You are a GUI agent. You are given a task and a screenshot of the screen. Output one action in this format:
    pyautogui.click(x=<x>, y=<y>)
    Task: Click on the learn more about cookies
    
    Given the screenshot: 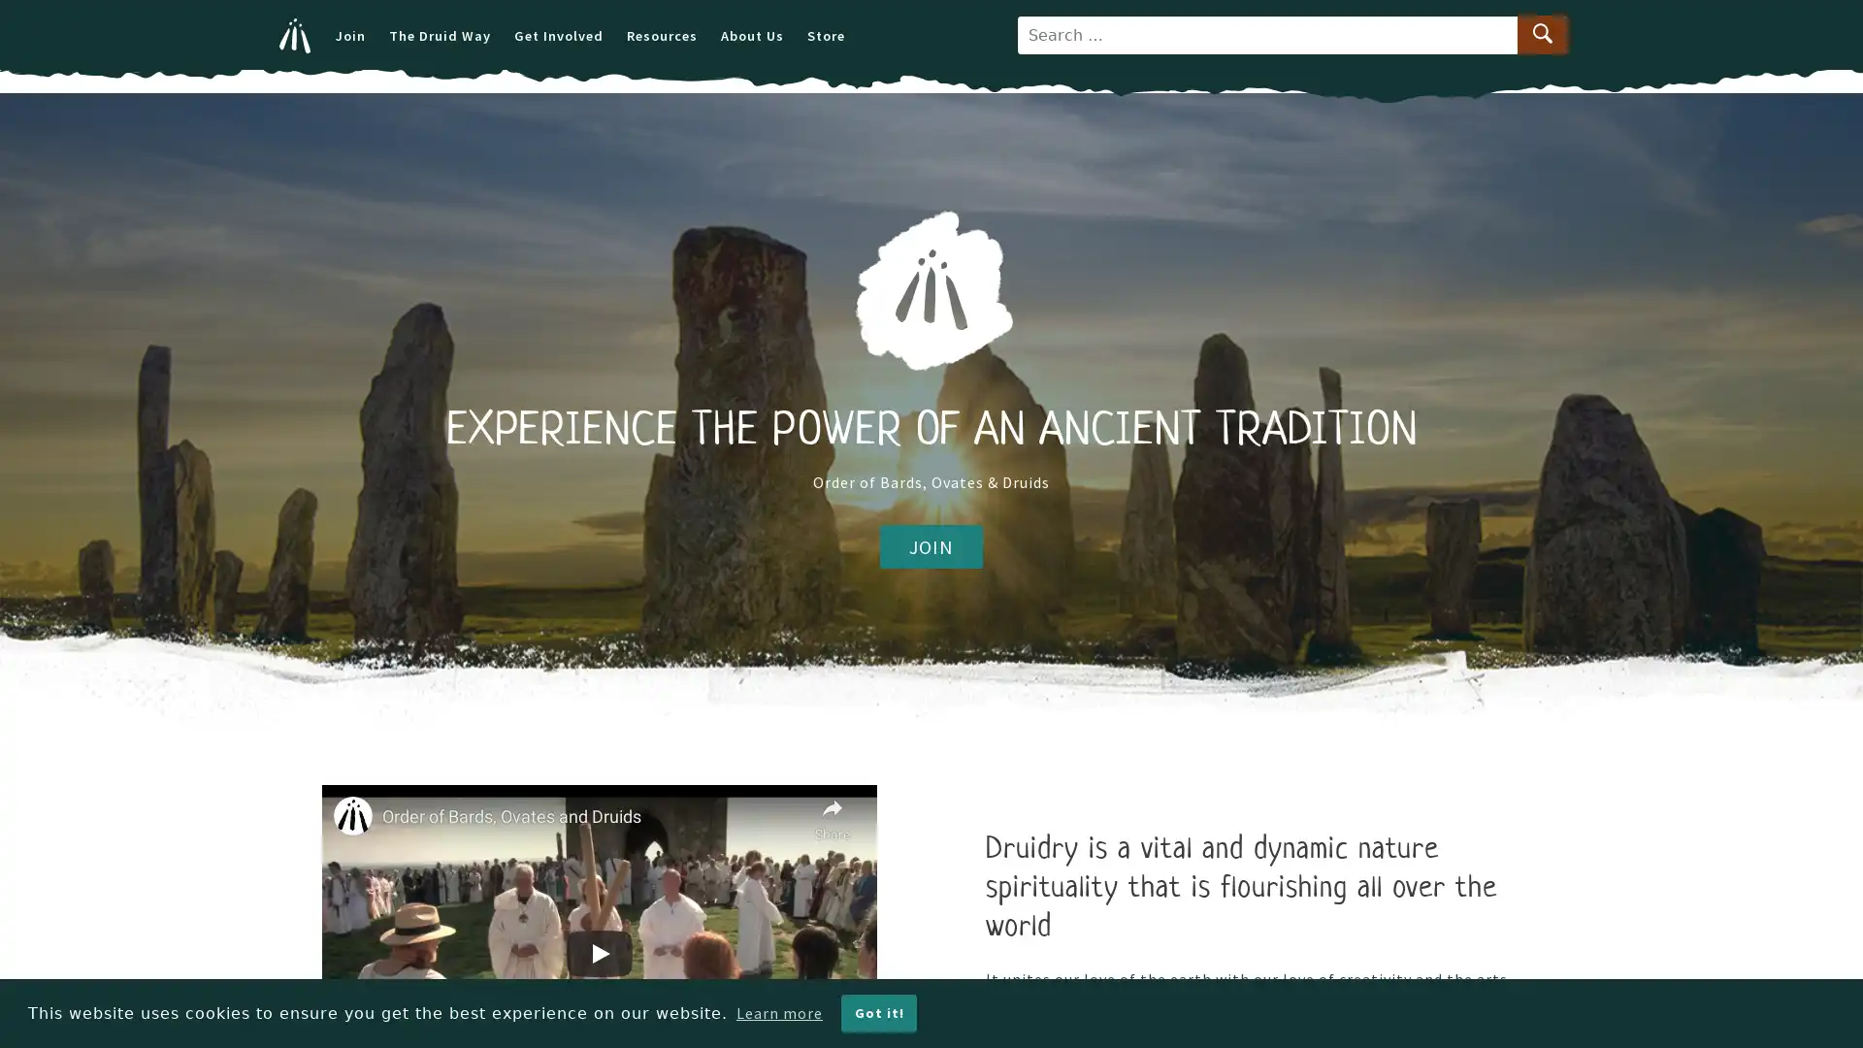 What is the action you would take?
    pyautogui.click(x=778, y=1012)
    